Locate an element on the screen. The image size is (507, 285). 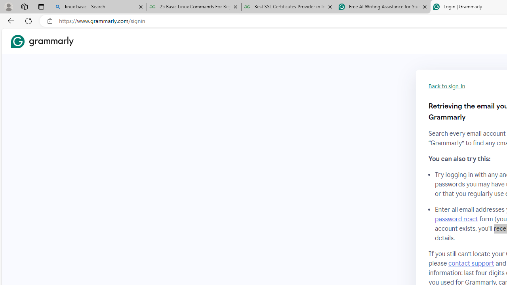
'Free AI Writing Assistance for Students | Grammarly' is located at coordinates (383, 7).